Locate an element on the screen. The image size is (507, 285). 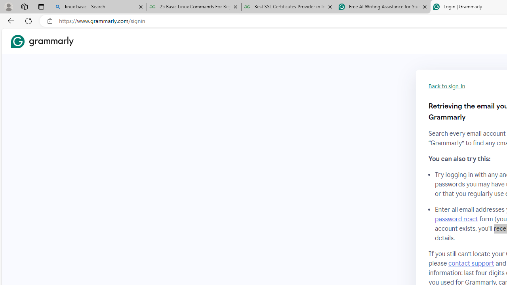
'Free AI Writing Assistance for Students | Grammarly' is located at coordinates (383, 7).